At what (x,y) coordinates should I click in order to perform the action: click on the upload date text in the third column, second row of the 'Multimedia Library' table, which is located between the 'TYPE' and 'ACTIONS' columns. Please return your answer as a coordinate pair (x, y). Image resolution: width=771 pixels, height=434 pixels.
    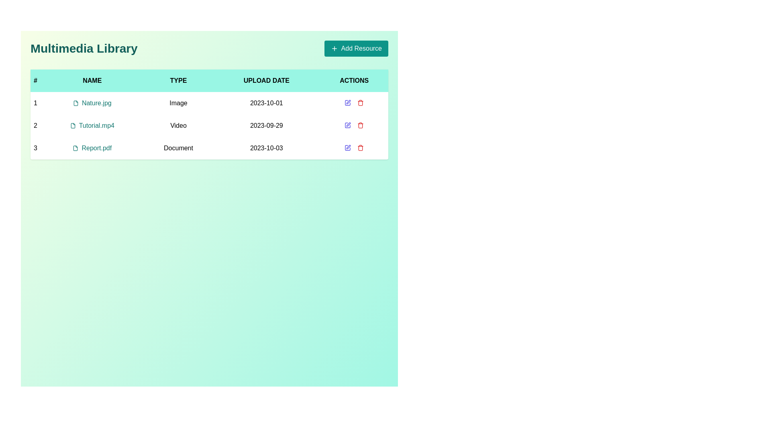
    Looking at the image, I should click on (266, 103).